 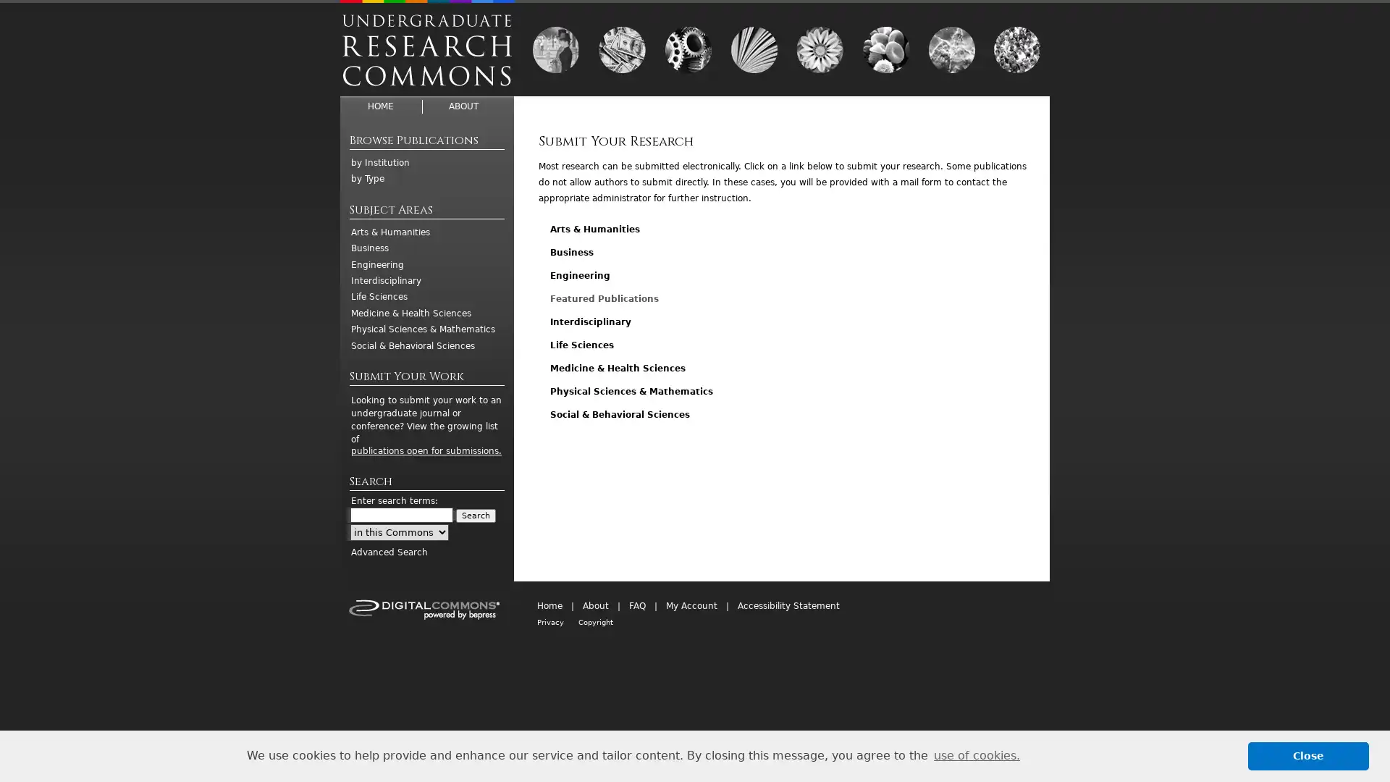 I want to click on dismiss cookie message, so click(x=1308, y=755).